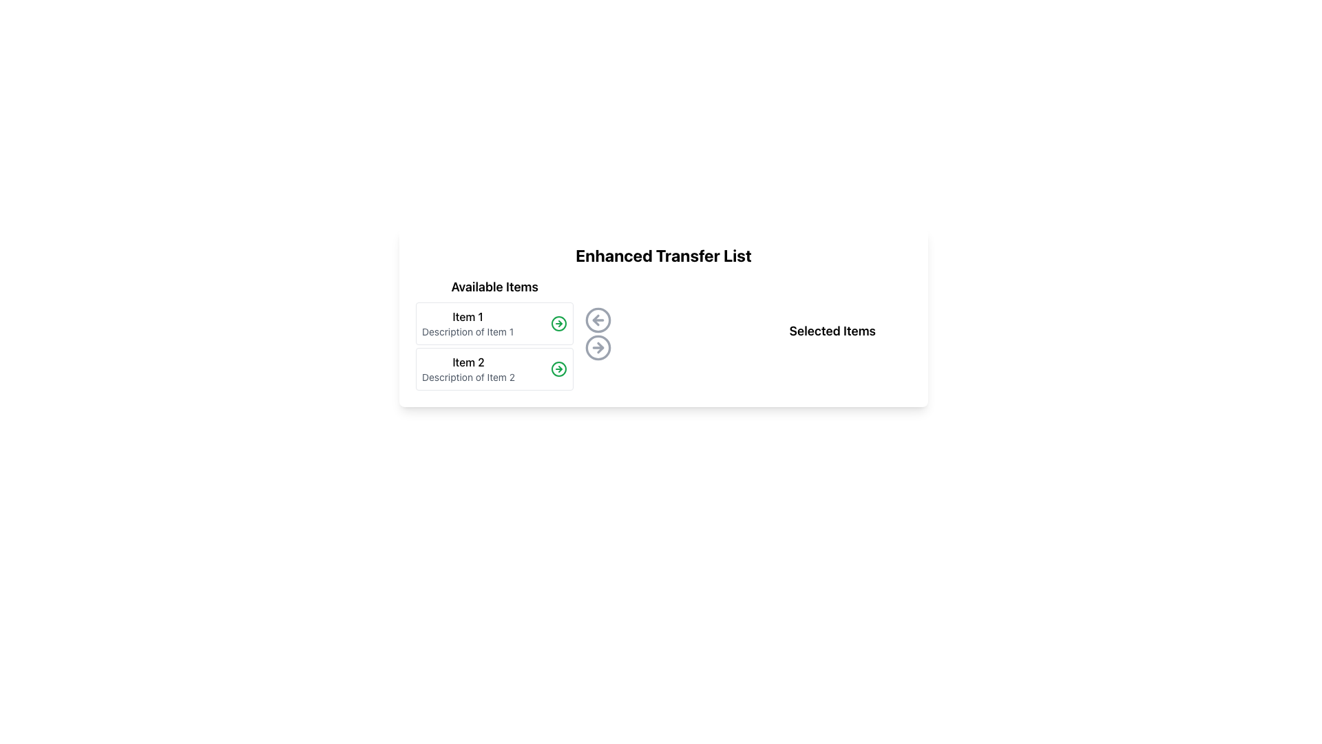 This screenshot has width=1322, height=744. I want to click on the circular button with a green border and right-pointing arrow, located in the right section of the first item card under 'Available Items', to make it navigable via keyboard, so click(559, 324).